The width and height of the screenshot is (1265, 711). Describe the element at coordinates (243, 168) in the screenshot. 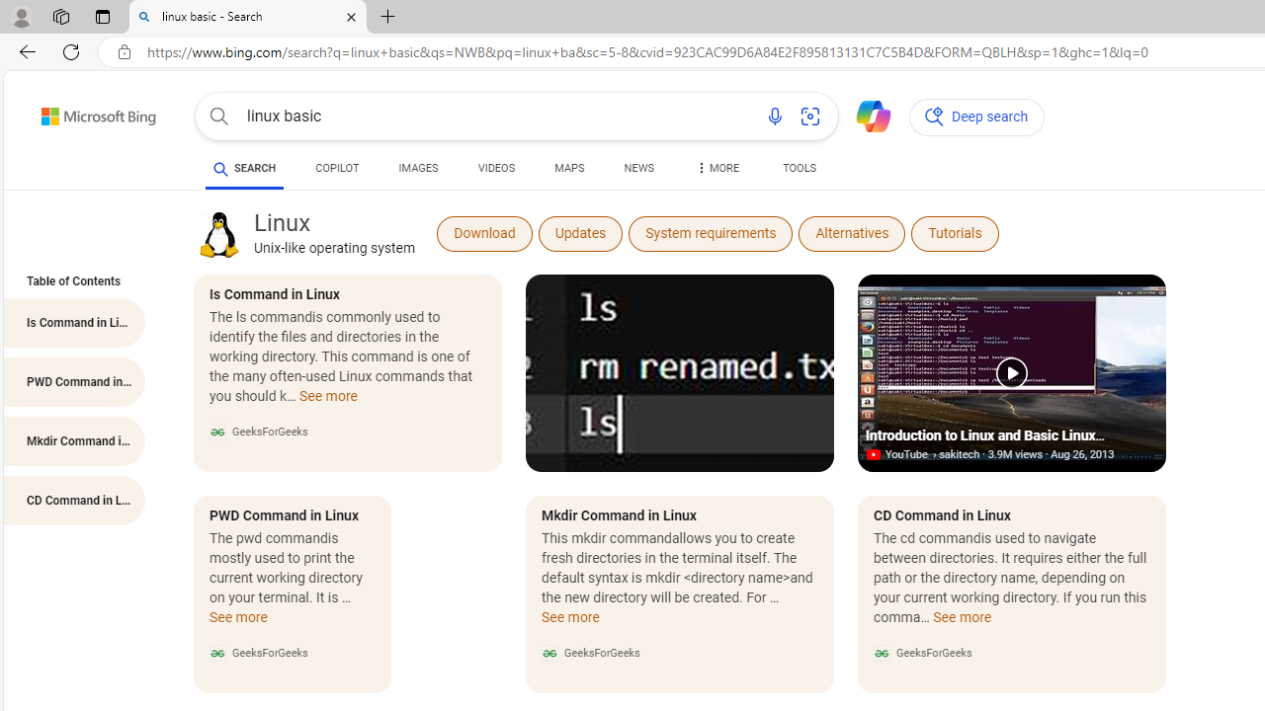

I see `'SEARCH'` at that location.